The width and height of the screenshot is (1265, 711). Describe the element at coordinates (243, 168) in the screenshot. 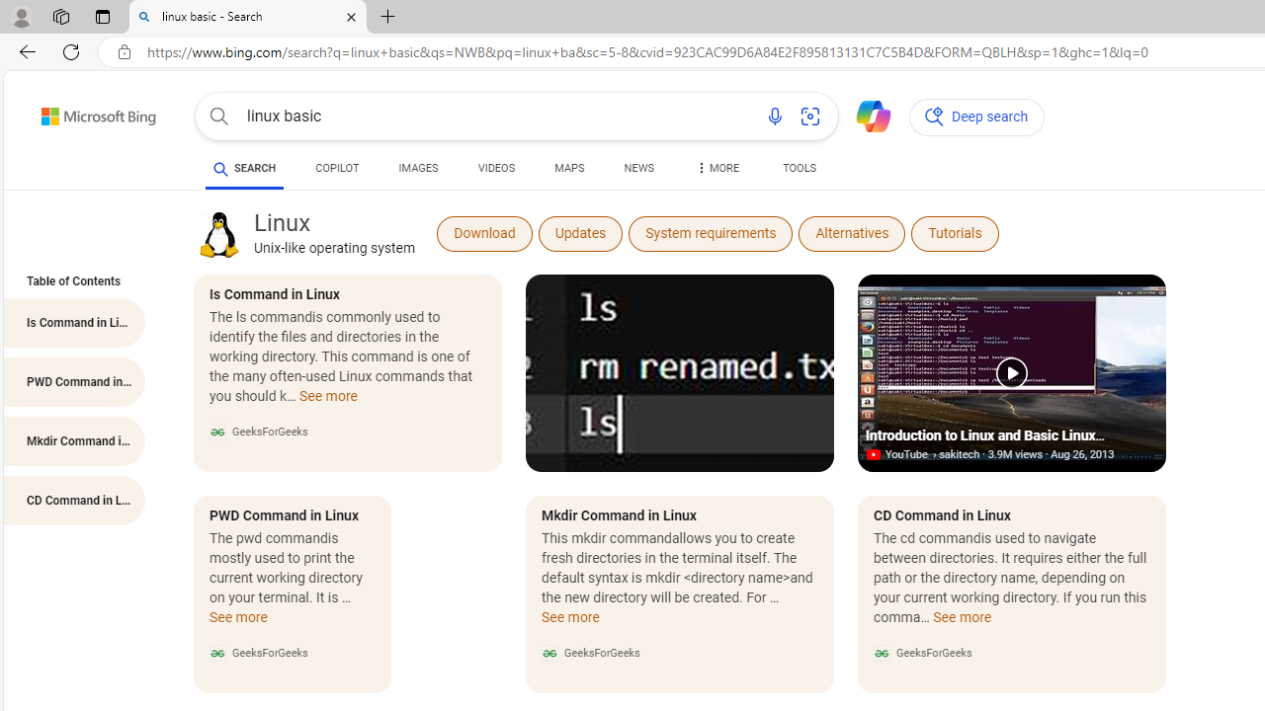

I see `'SEARCH'` at that location.